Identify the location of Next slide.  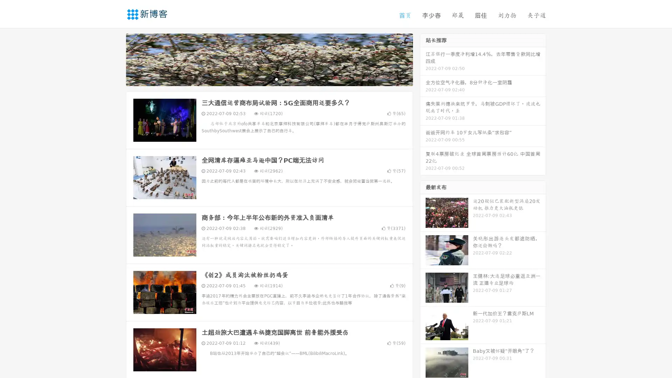
(423, 59).